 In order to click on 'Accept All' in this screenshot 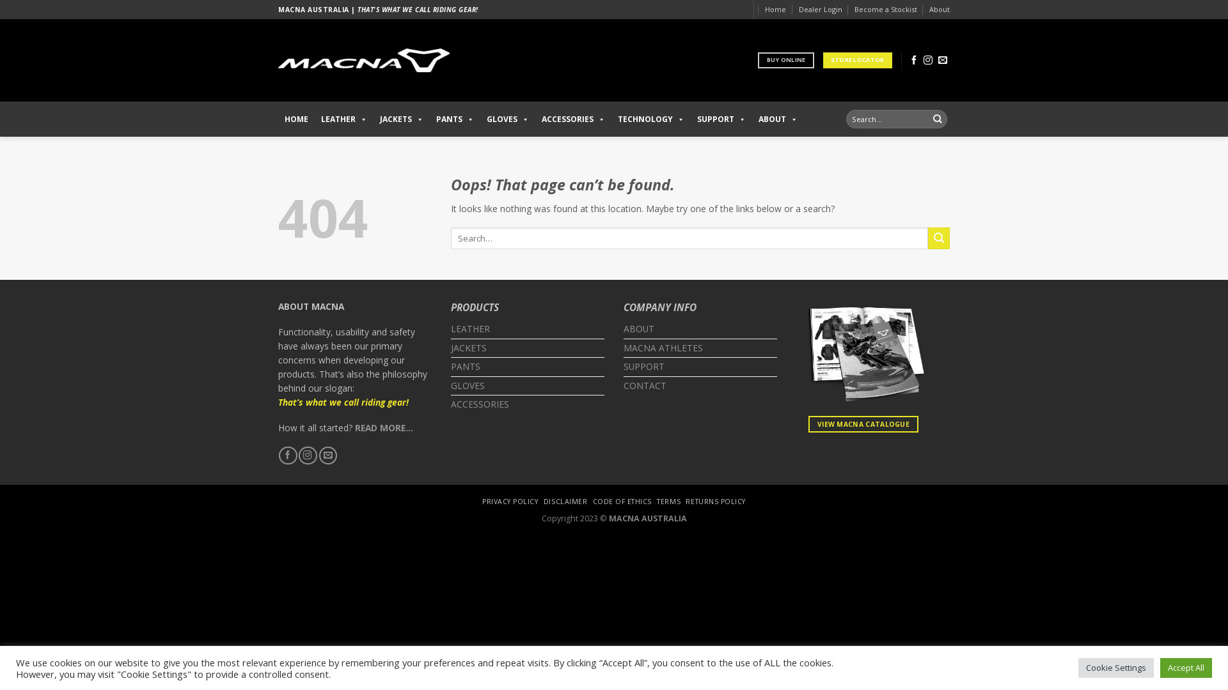, I will do `click(1185, 667)`.